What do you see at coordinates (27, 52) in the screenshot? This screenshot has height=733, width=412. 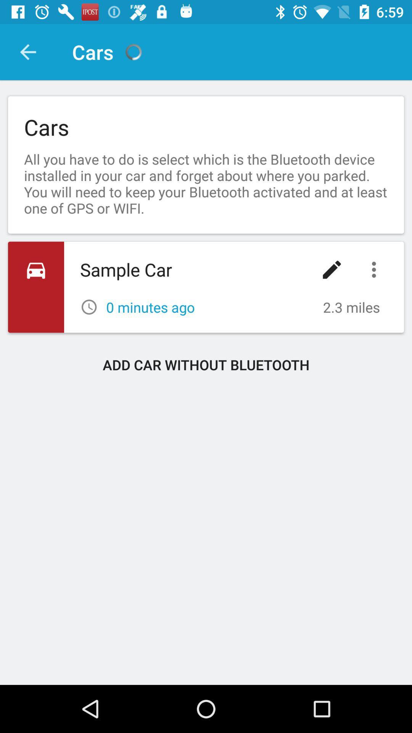 I see `the item next to cars` at bounding box center [27, 52].